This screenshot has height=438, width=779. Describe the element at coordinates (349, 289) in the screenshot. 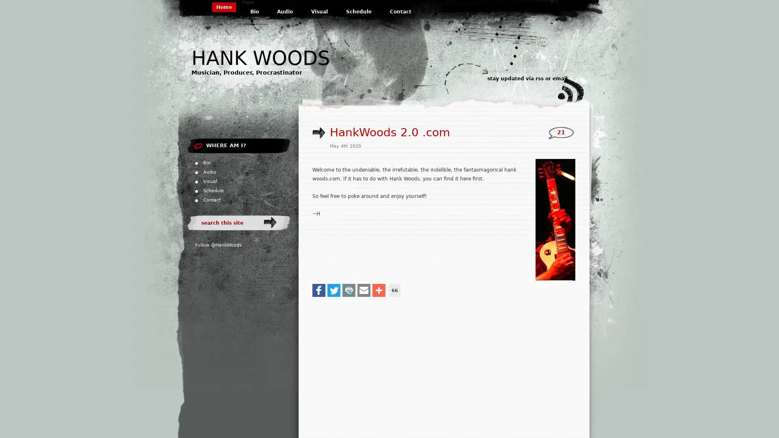

I see `Share to Print` at that location.